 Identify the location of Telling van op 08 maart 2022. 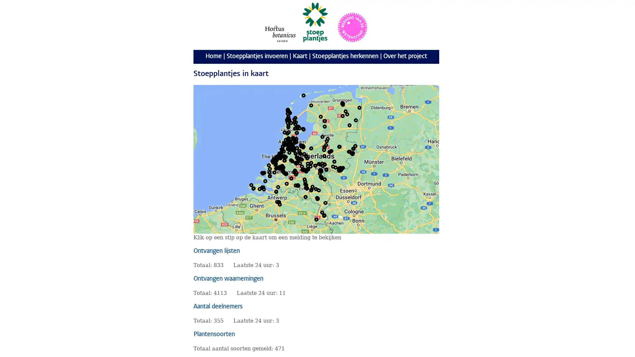
(289, 147).